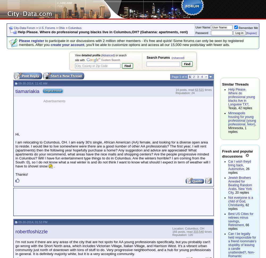 The image size is (266, 258). What do you see at coordinates (236, 205) in the screenshot?
I see `'Christianity'` at bounding box center [236, 205].